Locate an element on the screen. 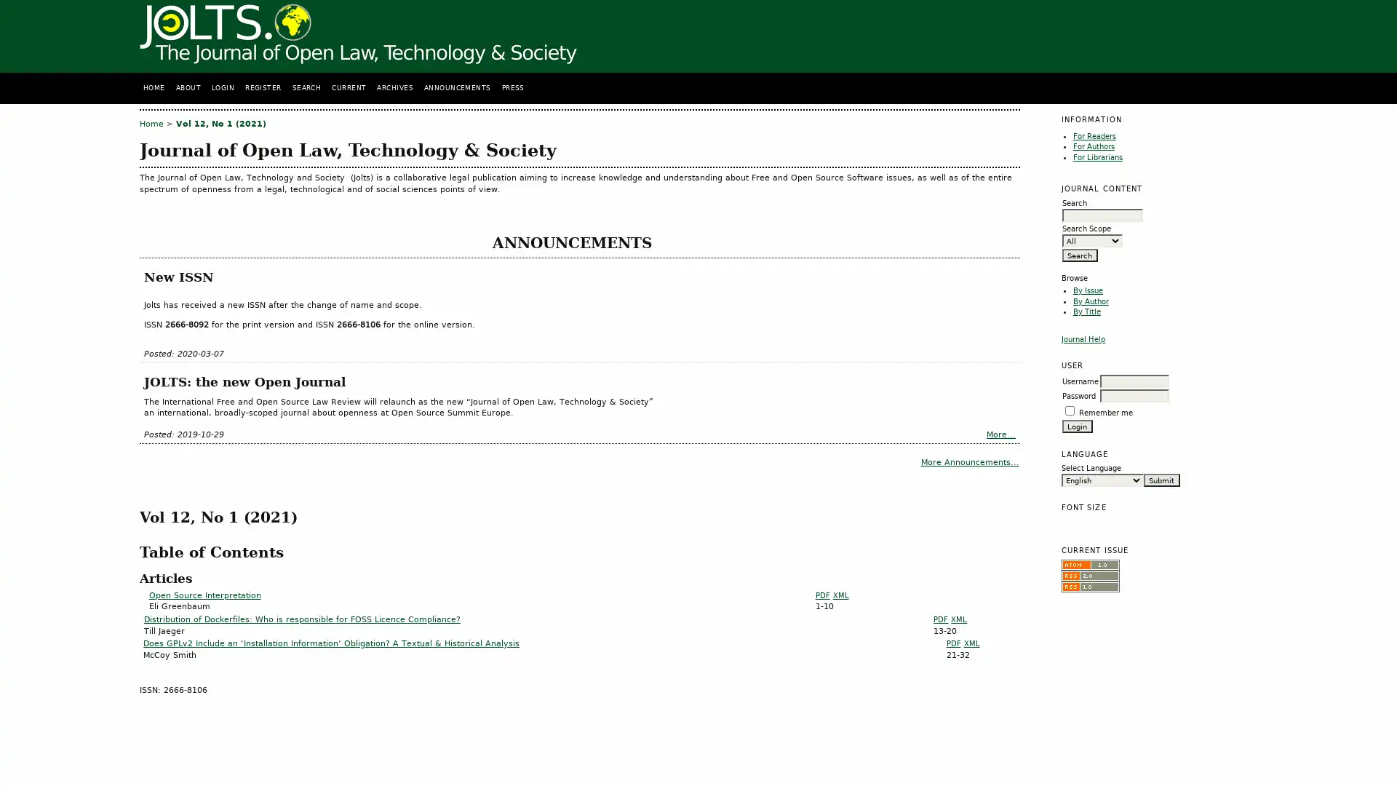 Image resolution: width=1397 pixels, height=786 pixels. Login is located at coordinates (1077, 426).